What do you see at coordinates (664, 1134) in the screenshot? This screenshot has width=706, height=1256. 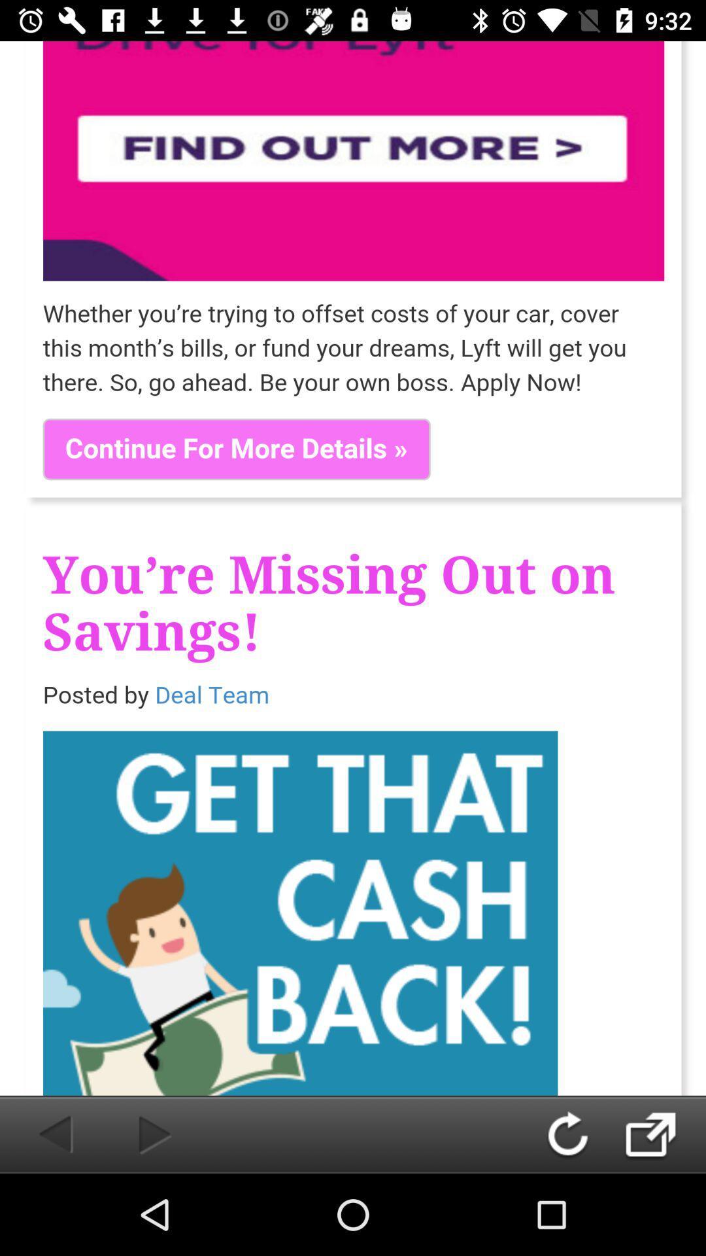 I see `share the article` at bounding box center [664, 1134].